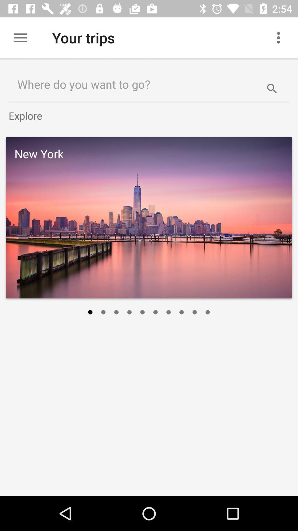 Image resolution: width=298 pixels, height=531 pixels. I want to click on the icon next to the your trips icon, so click(281, 37).